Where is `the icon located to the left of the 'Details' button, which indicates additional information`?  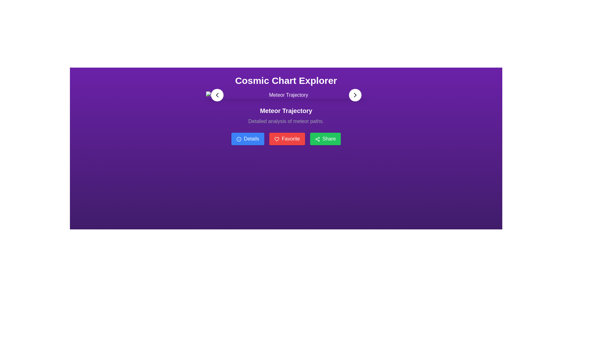
the icon located to the left of the 'Details' button, which indicates additional information is located at coordinates (238, 139).